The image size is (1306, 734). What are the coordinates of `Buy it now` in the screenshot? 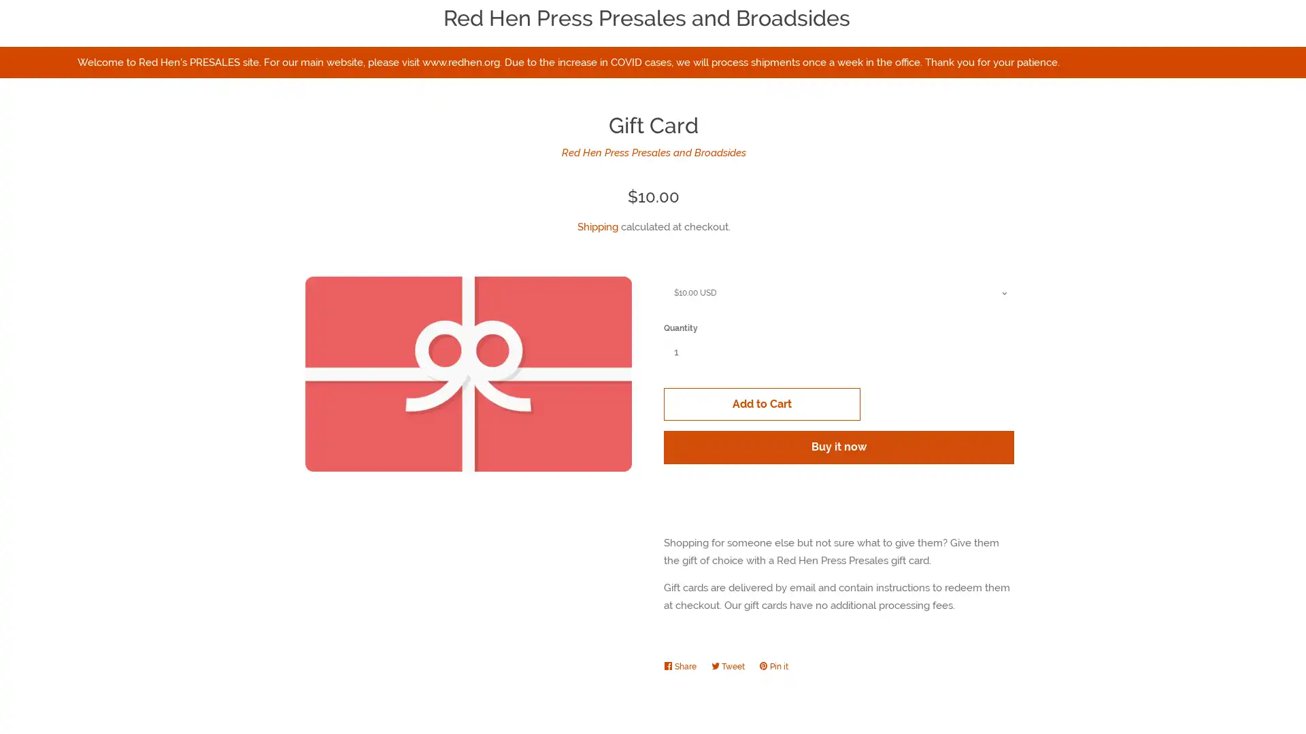 It's located at (923, 400).